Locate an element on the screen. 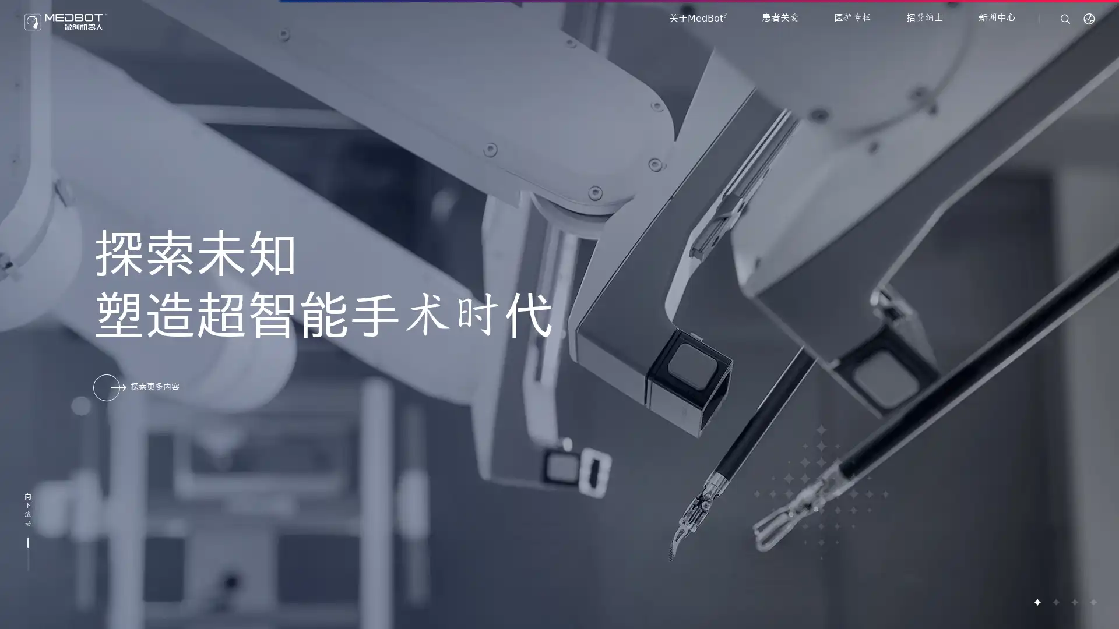 The image size is (1119, 629). Go to slide 4 is located at coordinates (1092, 602).